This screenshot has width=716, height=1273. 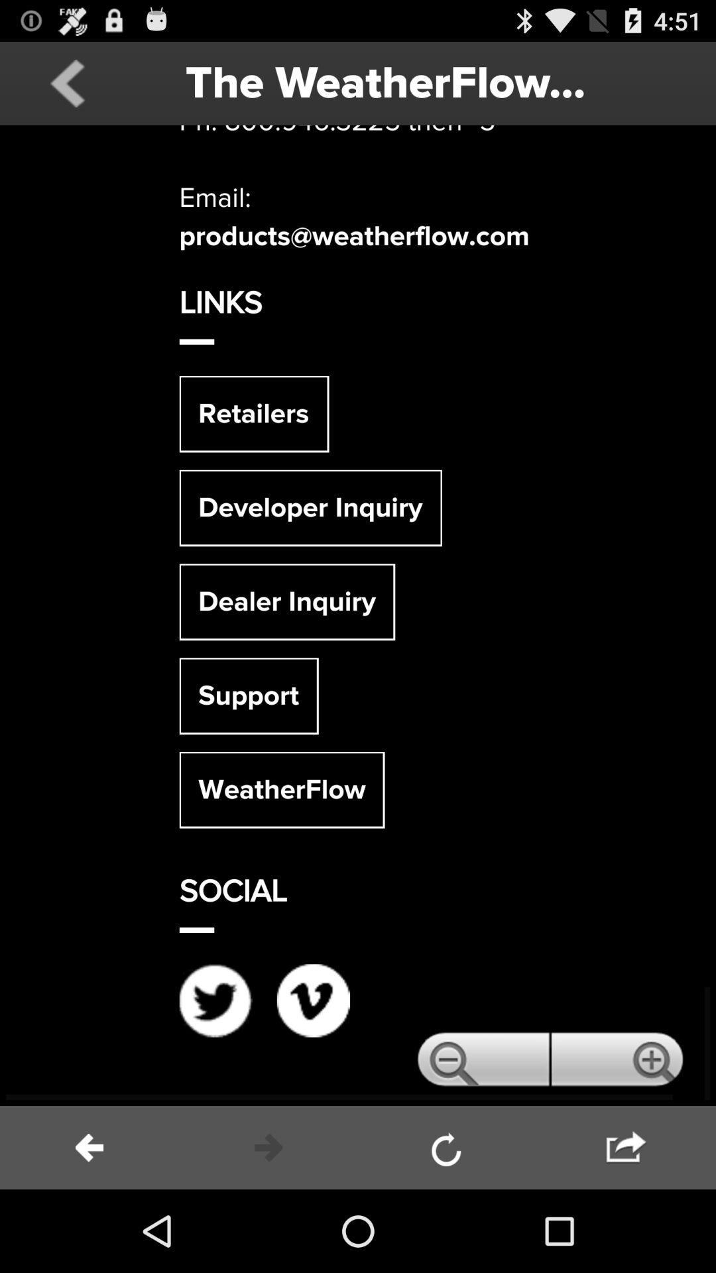 I want to click on go forward, so click(x=626, y=1147).